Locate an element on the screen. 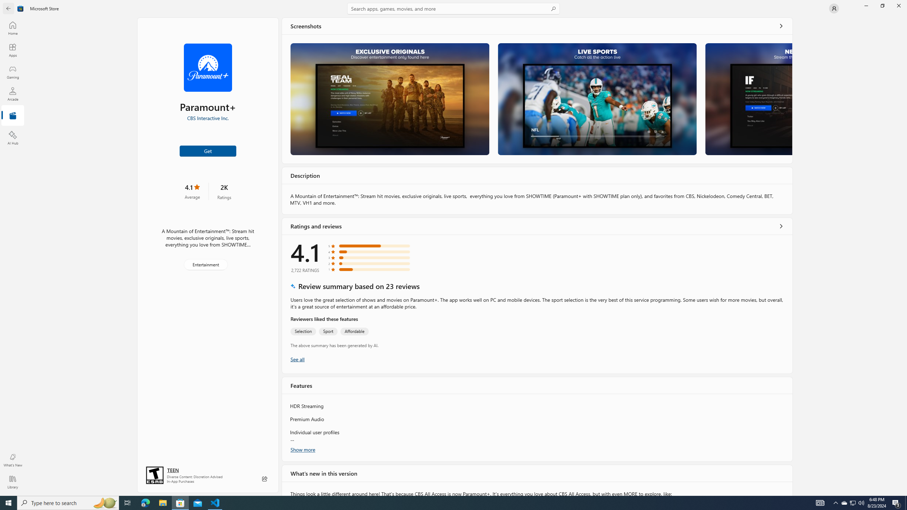 The height and width of the screenshot is (510, 907). '4.1 stars. Click to skip to ratings and reviews' is located at coordinates (192, 191).